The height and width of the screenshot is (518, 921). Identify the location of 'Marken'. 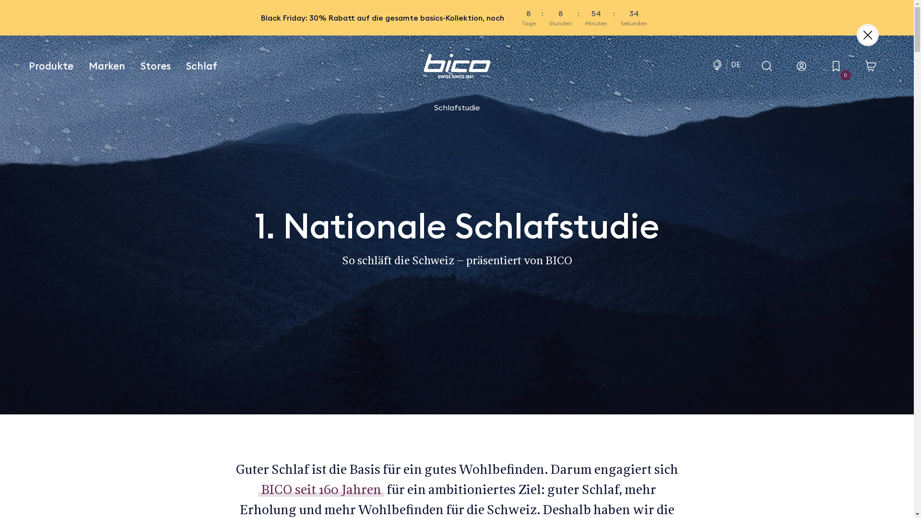
(106, 65).